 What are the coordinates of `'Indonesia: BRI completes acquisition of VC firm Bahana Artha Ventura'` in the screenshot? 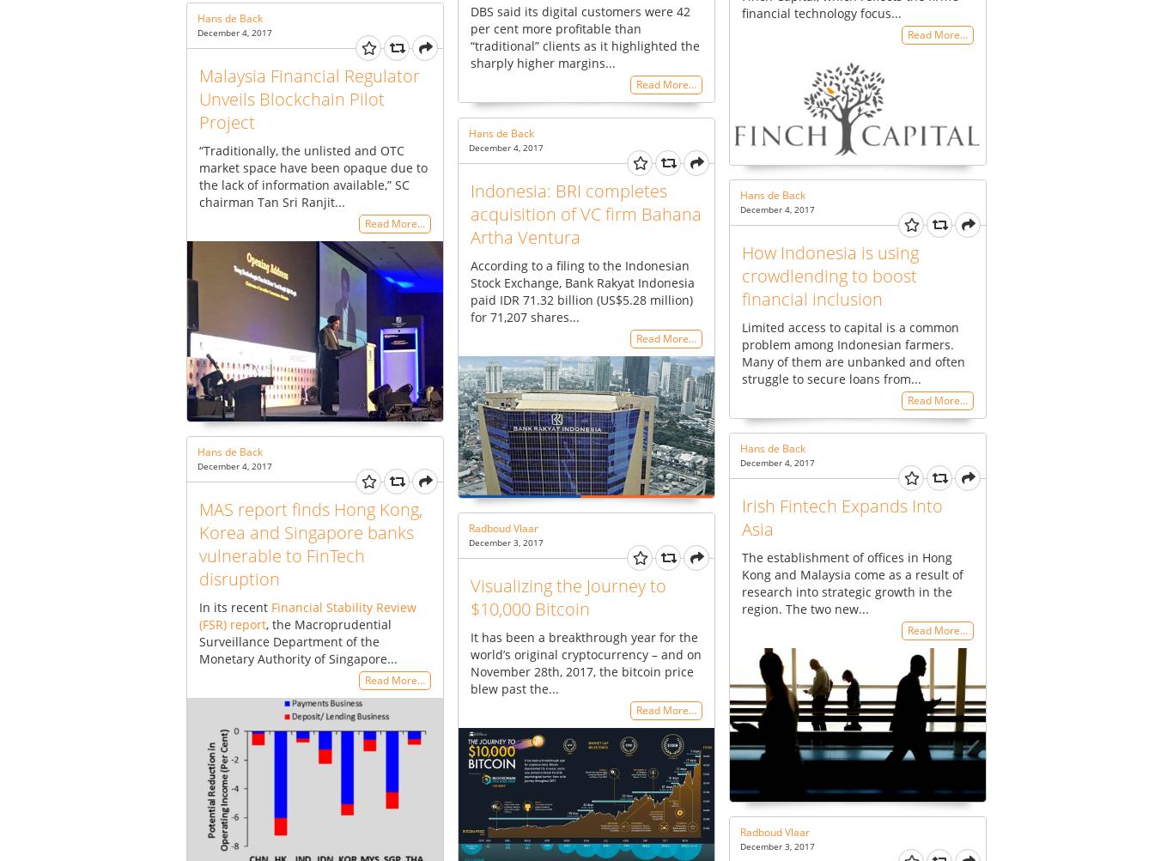 It's located at (471, 213).